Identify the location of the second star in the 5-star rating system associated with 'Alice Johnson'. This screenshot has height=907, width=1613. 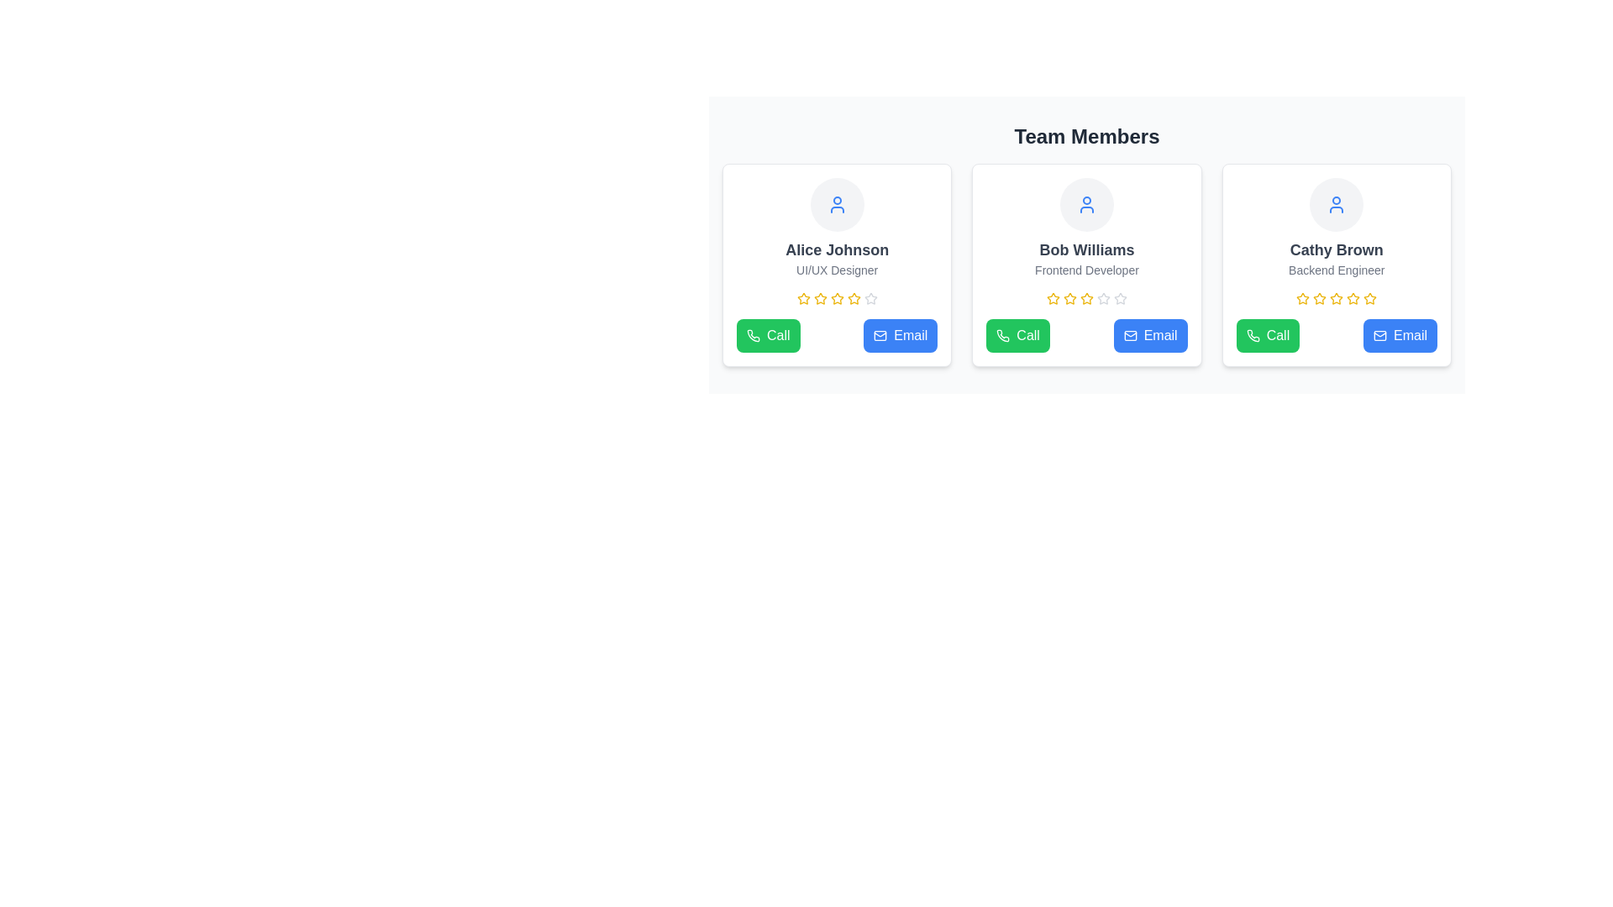
(837, 297).